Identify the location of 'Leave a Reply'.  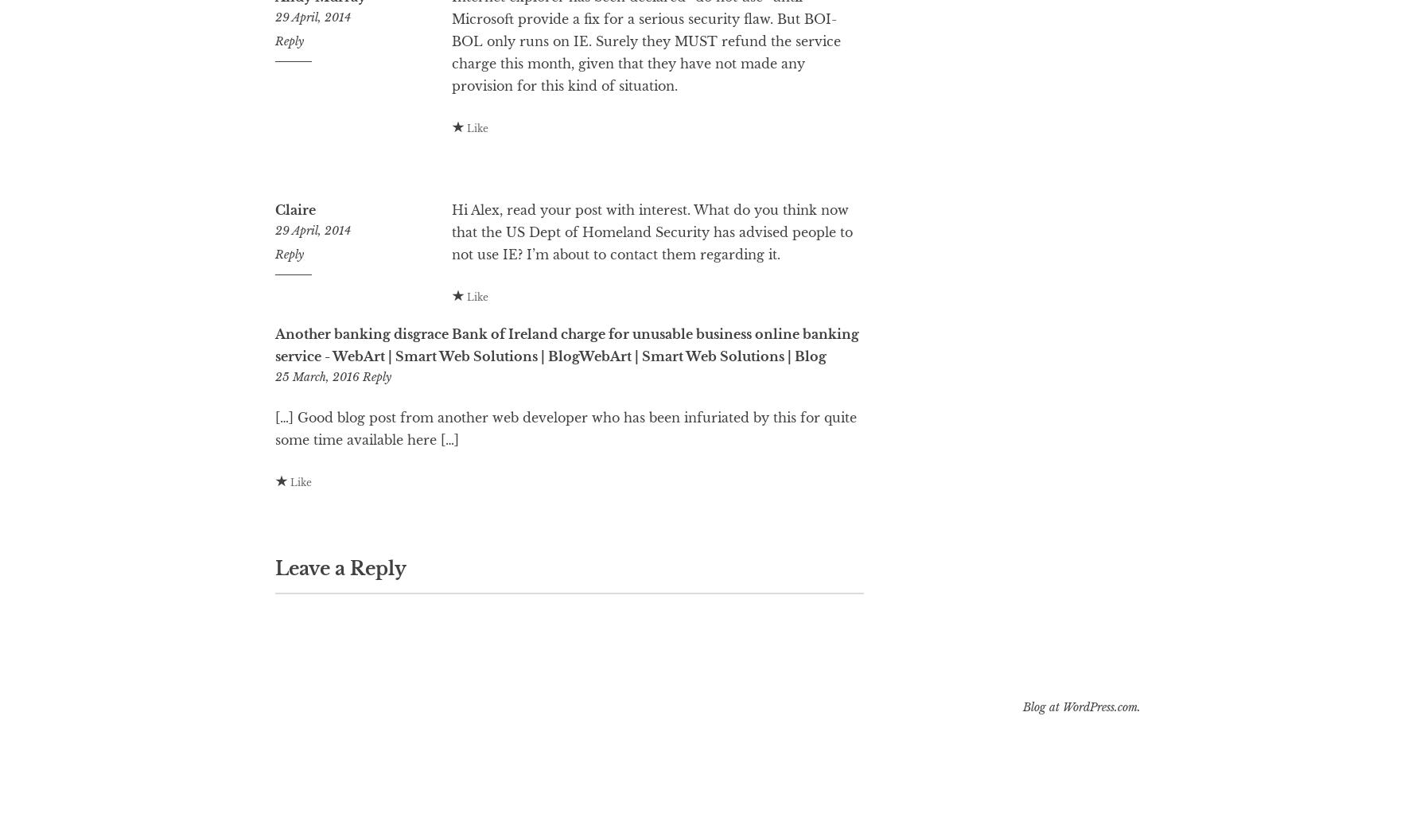
(340, 632).